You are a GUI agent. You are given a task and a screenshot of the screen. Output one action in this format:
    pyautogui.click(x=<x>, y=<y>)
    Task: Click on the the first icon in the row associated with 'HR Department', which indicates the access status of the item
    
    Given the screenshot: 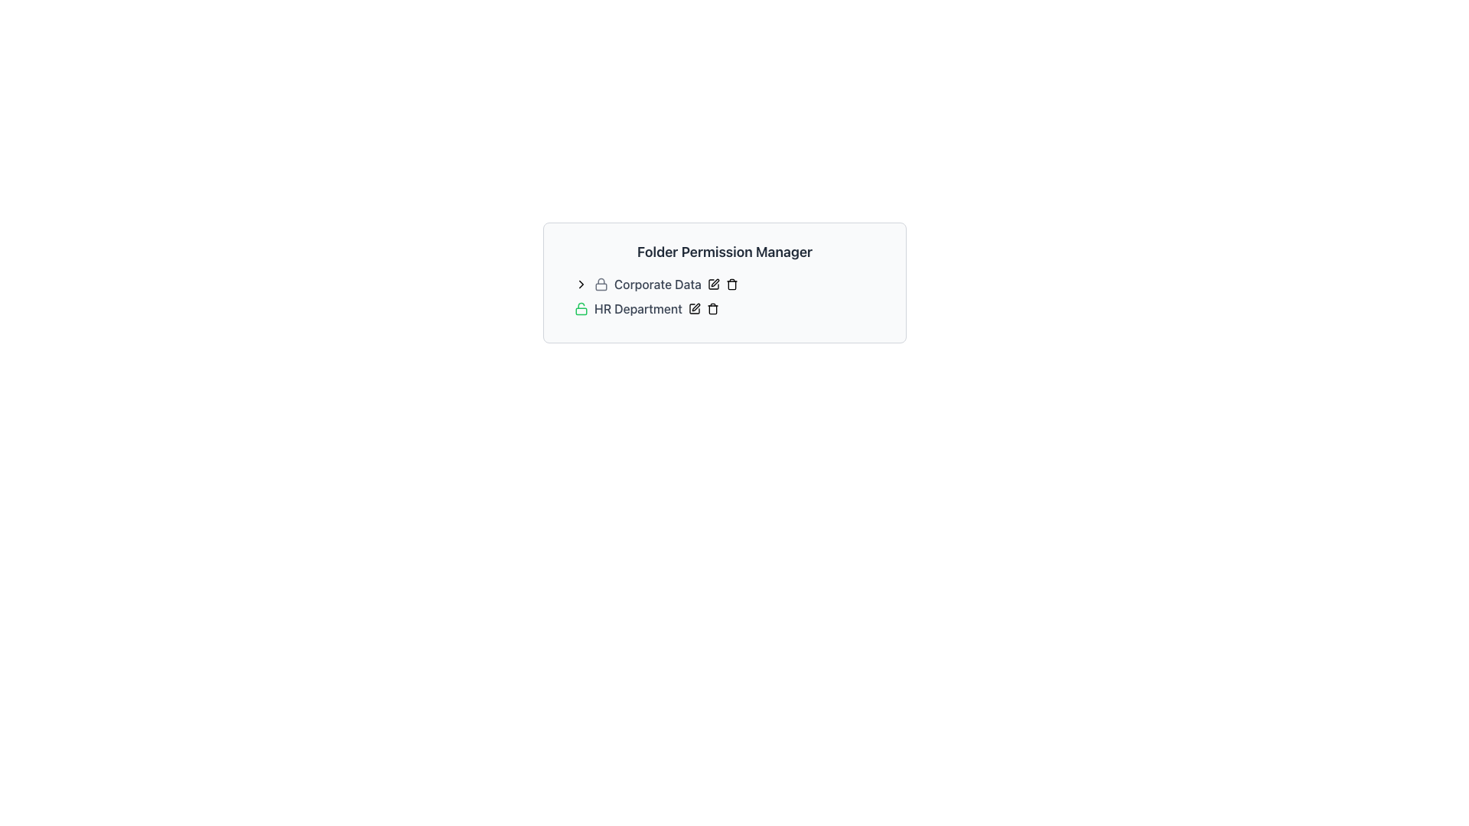 What is the action you would take?
    pyautogui.click(x=580, y=309)
    